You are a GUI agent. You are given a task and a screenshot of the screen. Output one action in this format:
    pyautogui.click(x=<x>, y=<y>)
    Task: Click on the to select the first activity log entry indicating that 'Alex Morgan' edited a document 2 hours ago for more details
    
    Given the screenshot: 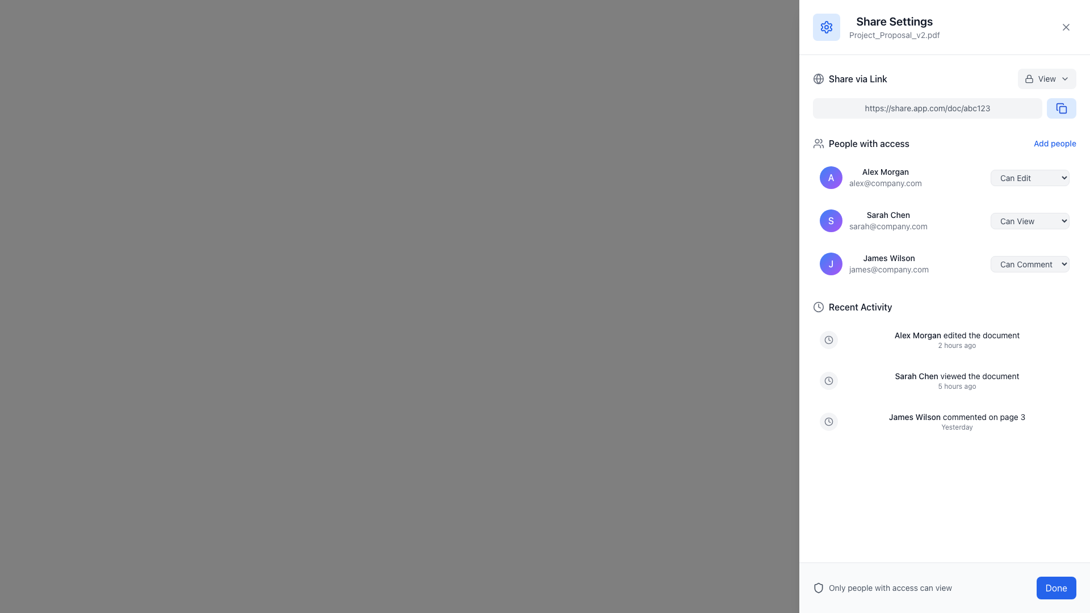 What is the action you would take?
    pyautogui.click(x=945, y=339)
    